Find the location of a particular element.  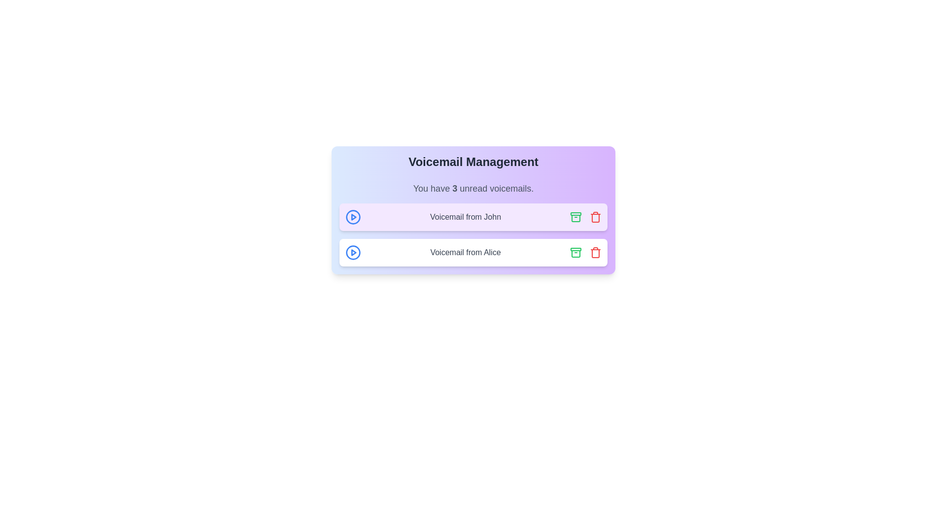

the delete button associated with the voicemail item labeled 'Voicemail from John' is located at coordinates (595, 216).